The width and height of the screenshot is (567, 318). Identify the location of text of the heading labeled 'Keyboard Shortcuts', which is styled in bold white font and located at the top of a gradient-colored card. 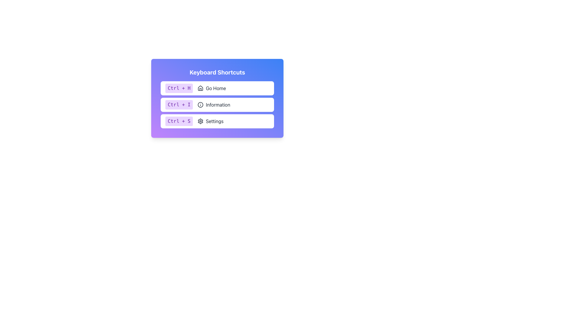
(217, 72).